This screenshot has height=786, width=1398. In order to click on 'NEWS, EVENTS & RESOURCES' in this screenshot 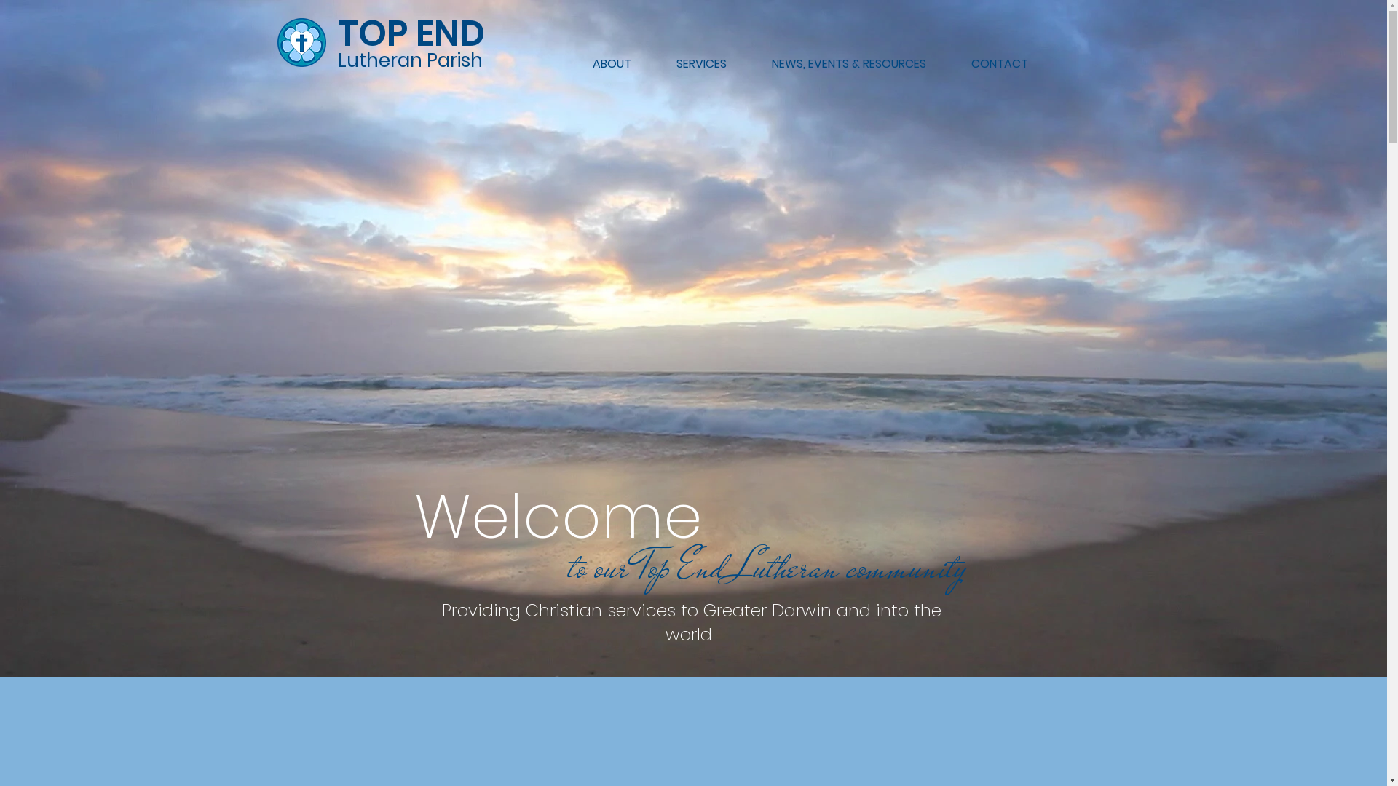, I will do `click(848, 63)`.